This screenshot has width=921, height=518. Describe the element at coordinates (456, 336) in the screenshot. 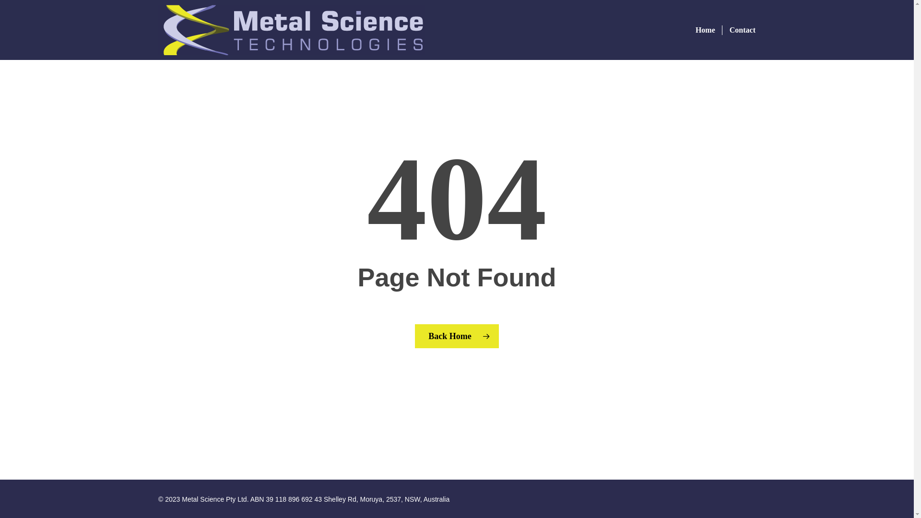

I see `'Back Home'` at that location.